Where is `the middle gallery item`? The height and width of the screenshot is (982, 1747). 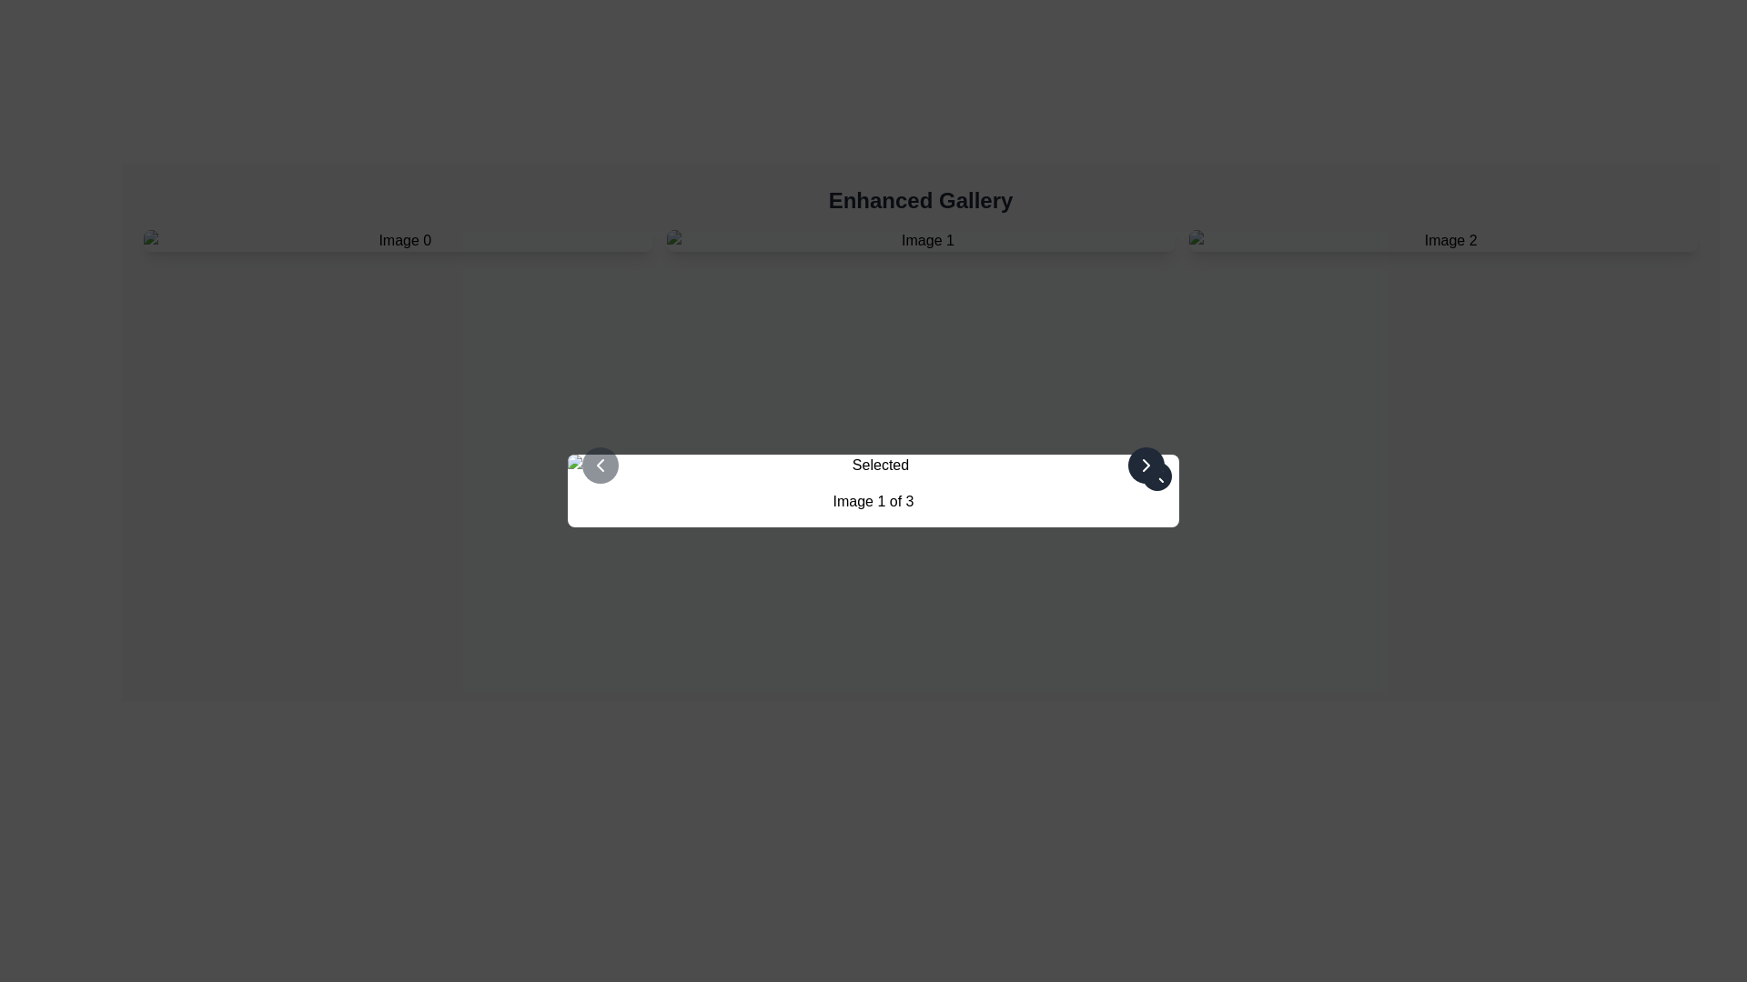
the middle gallery item is located at coordinates (921, 240).